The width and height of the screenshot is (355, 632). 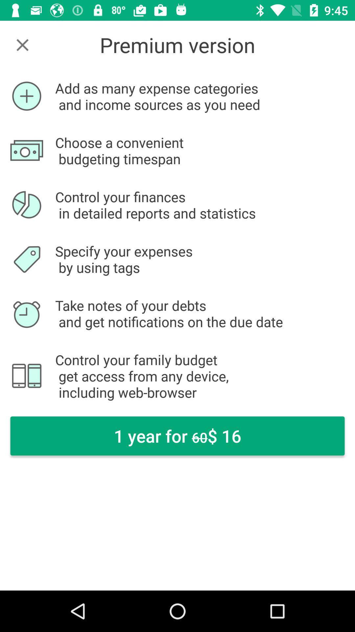 What do you see at coordinates (177, 436) in the screenshot?
I see `1 year for item` at bounding box center [177, 436].